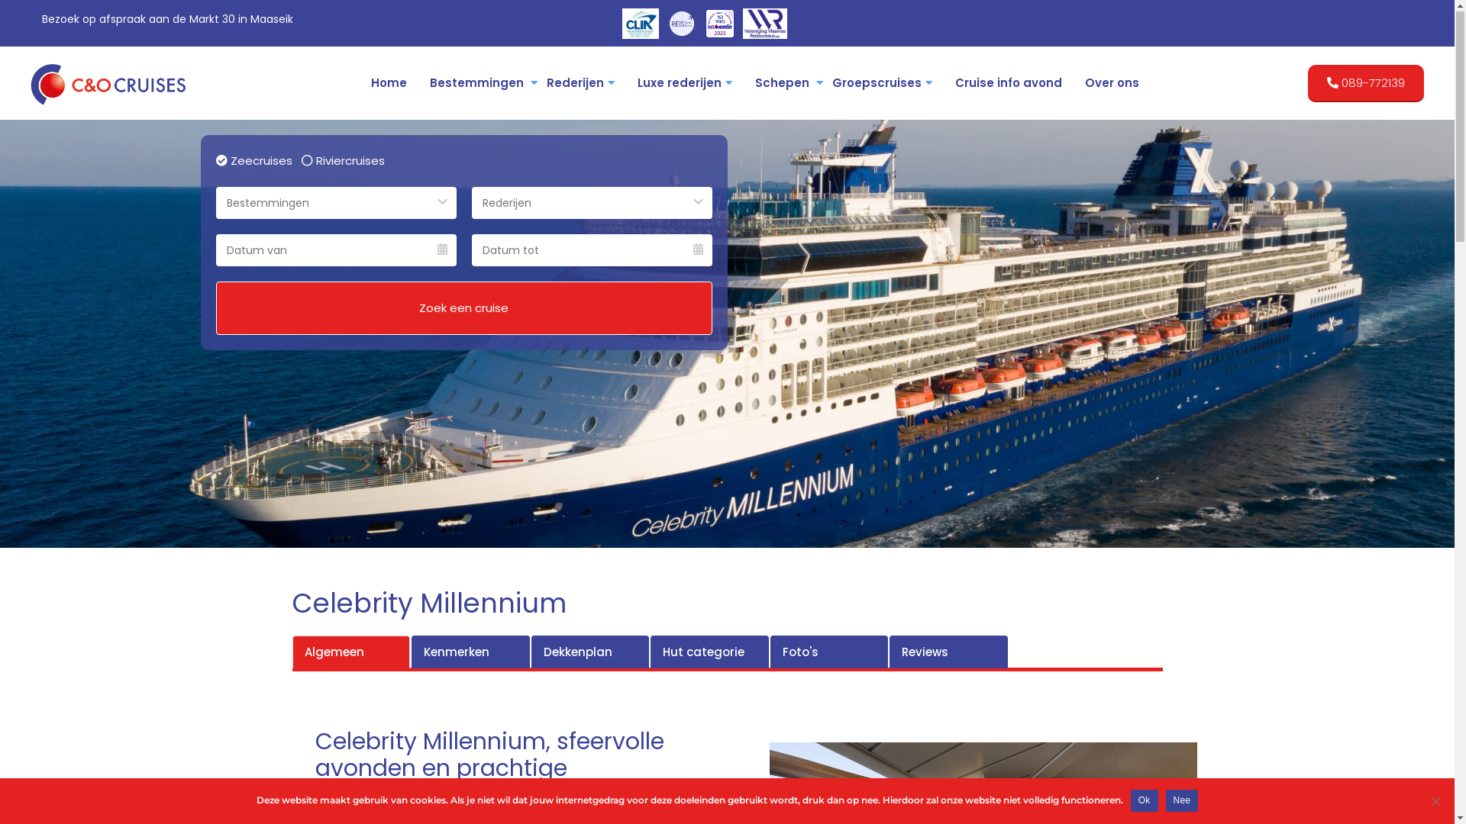  What do you see at coordinates (1112, 84) in the screenshot?
I see `'Over ons'` at bounding box center [1112, 84].